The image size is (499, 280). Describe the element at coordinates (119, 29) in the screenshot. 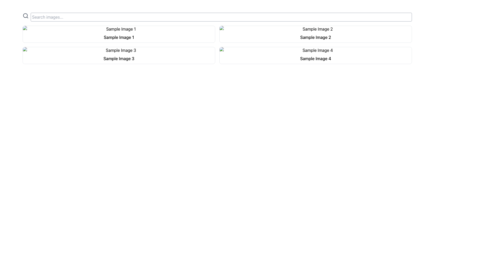

I see `the thumbnail image in the first card of the top row in the grid layout` at that location.